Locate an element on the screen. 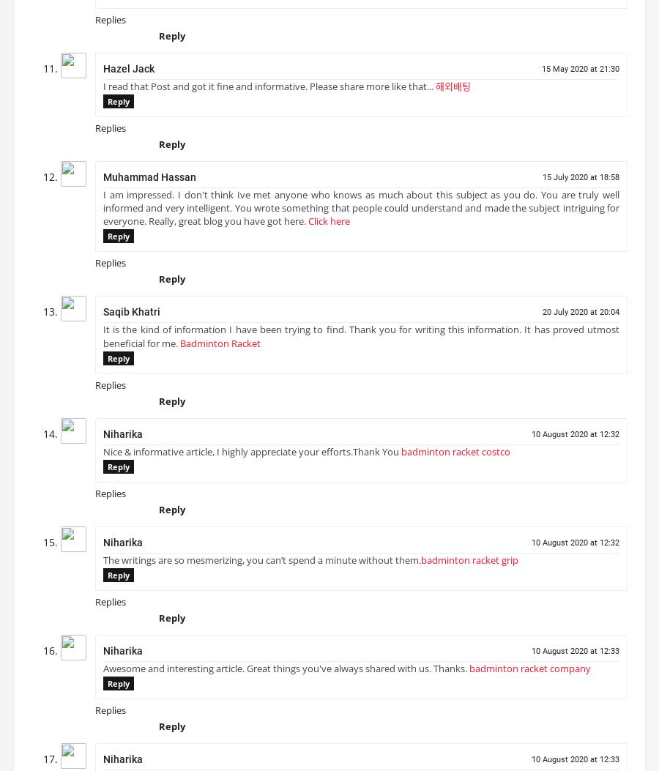 Image resolution: width=659 pixels, height=771 pixels. 'I read that Post and got it fine and informative. Please share more like that...' is located at coordinates (269, 91).